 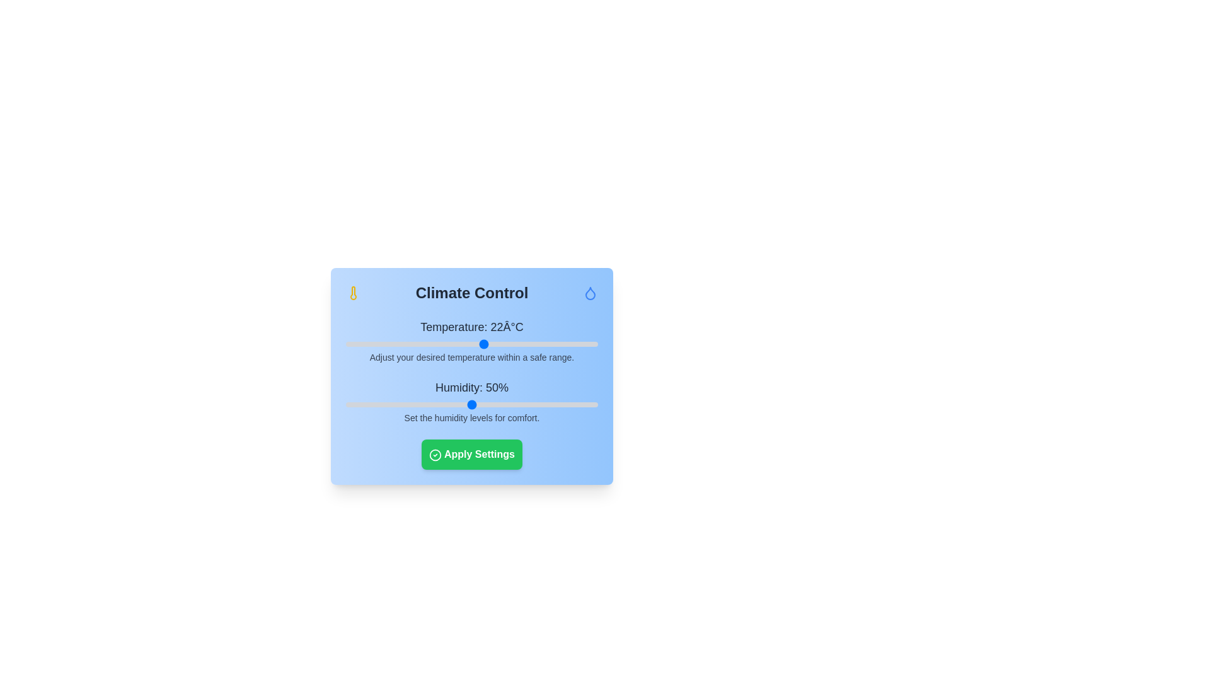 I want to click on the humidity, so click(x=449, y=404).